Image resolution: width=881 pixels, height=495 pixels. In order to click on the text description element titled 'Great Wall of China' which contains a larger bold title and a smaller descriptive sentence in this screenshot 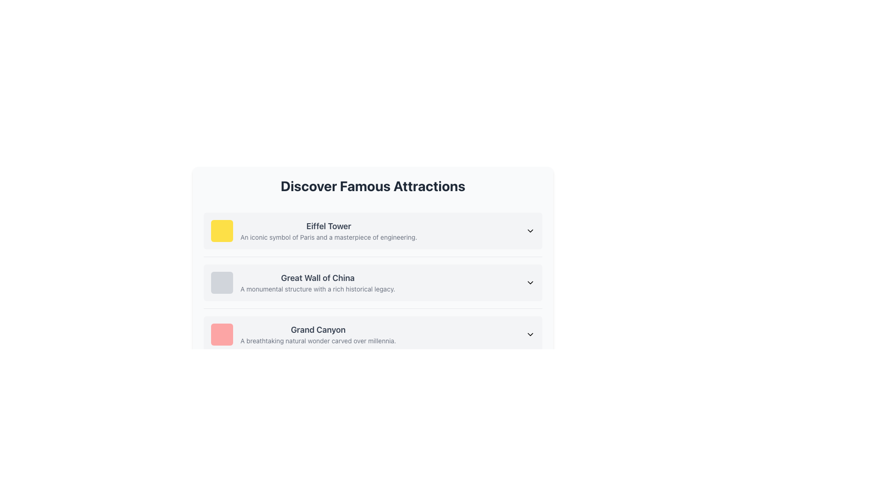, I will do `click(318, 282)`.